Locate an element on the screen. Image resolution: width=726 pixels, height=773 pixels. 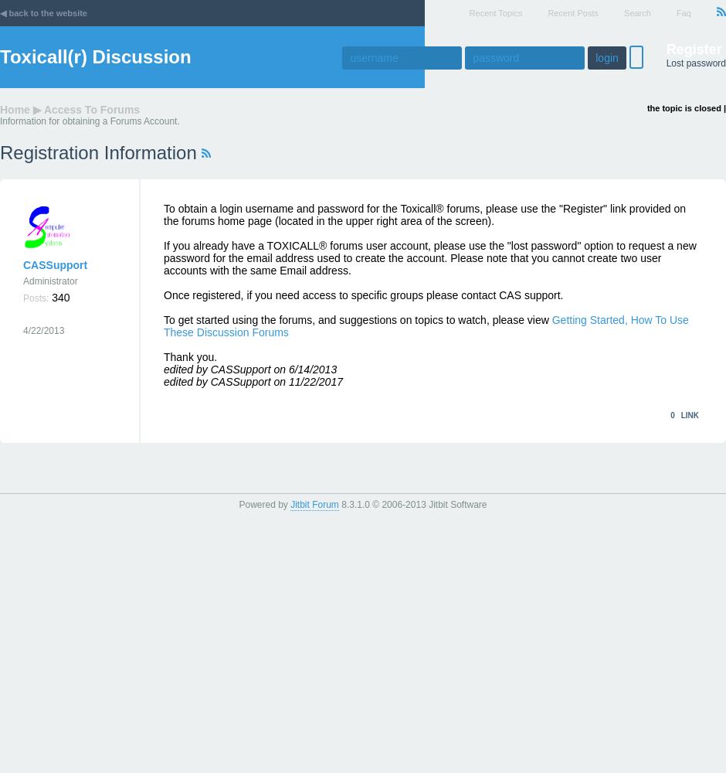
'◀ back to the website' is located at coordinates (42, 13).